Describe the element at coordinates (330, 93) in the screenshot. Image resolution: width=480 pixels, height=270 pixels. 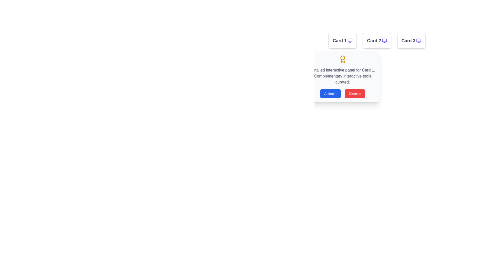
I see `the first button in the horizontally aligned group located at the bottom of the card-like UI to observe its hover effect` at that location.